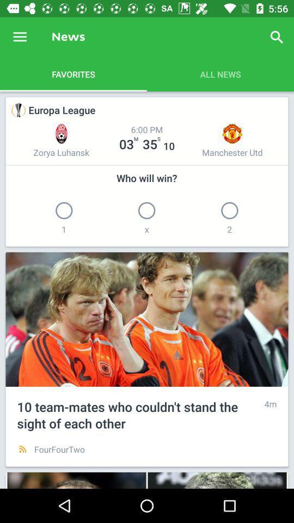 Image resolution: width=294 pixels, height=523 pixels. I want to click on icon next to the news item, so click(20, 37).